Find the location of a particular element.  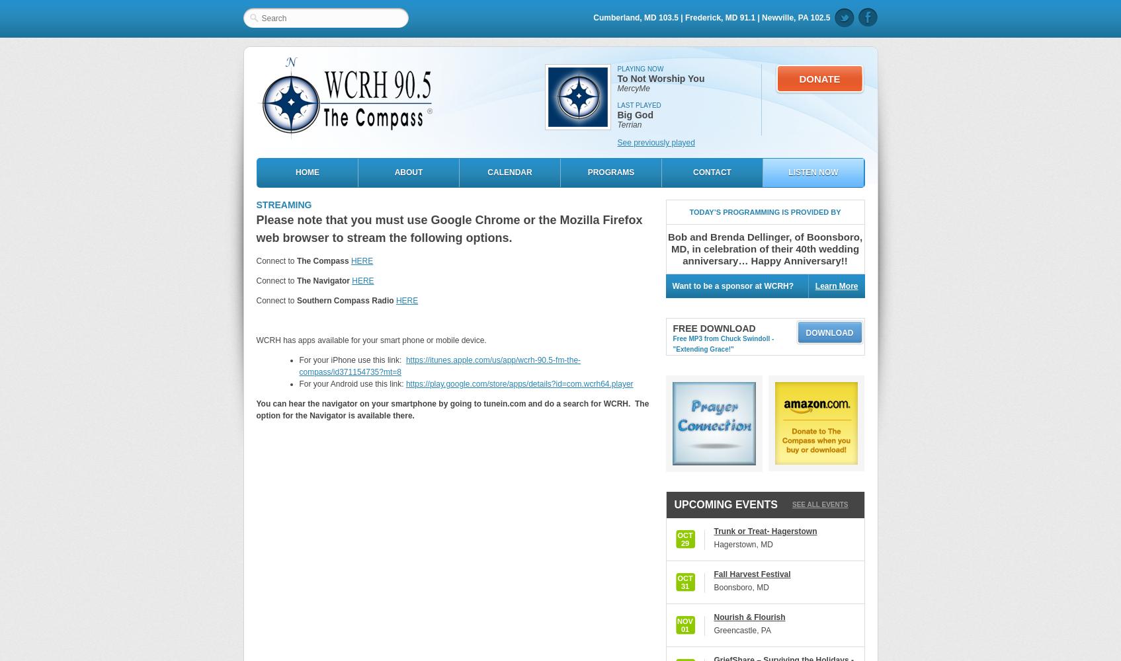

'Trunk or Treat- Hagerstown' is located at coordinates (765, 531).